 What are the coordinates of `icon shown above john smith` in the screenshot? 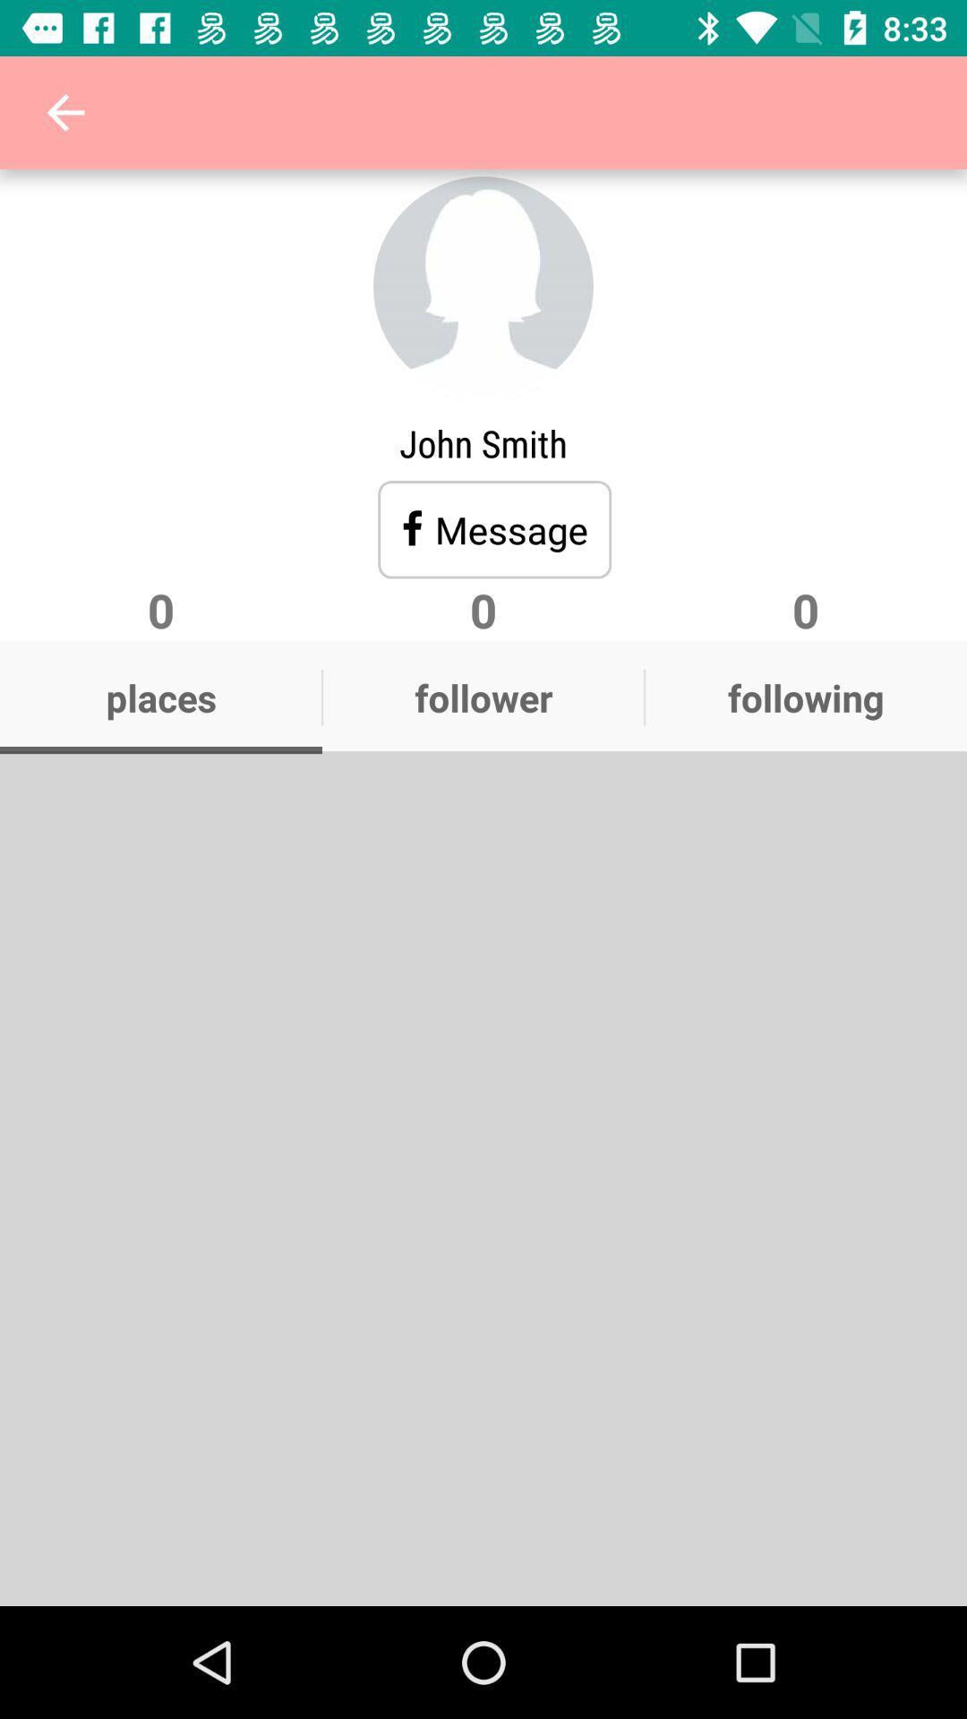 It's located at (483, 287).